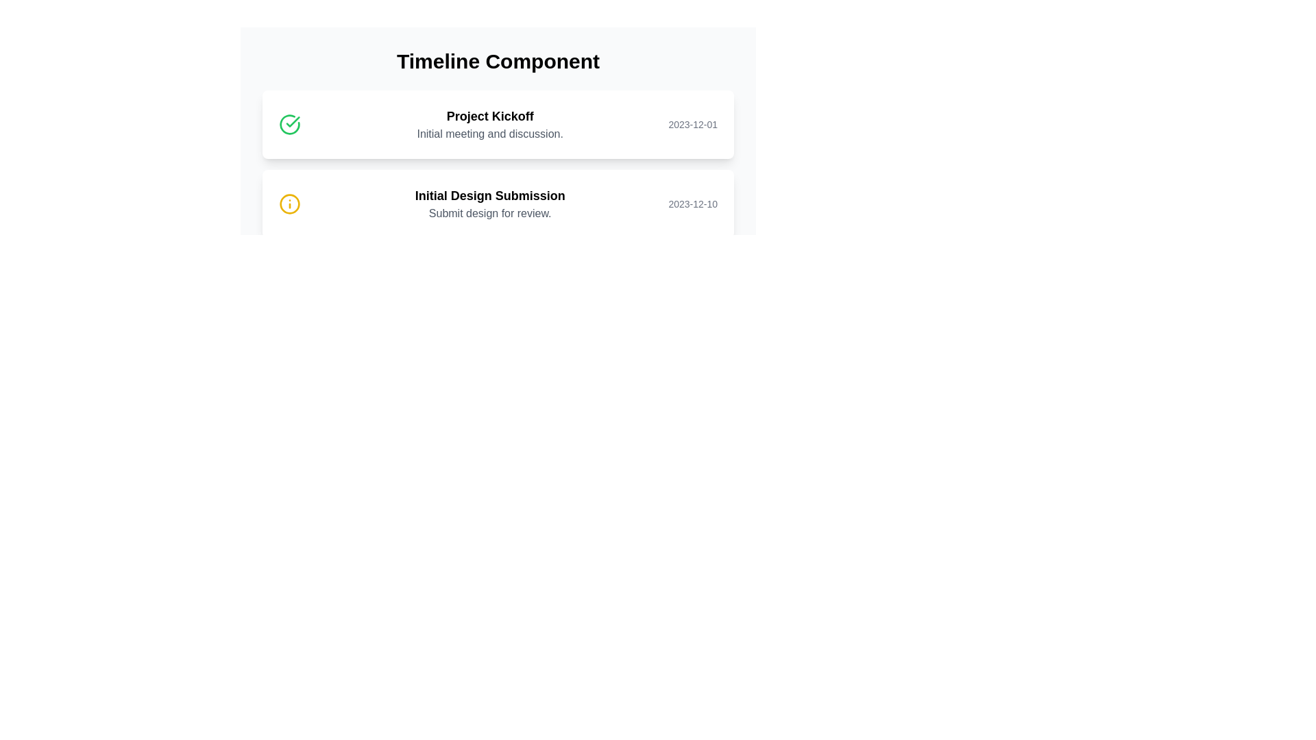 This screenshot has width=1316, height=740. What do you see at coordinates (490, 195) in the screenshot?
I see `heading text that serves as the title for the second timeline entry under the 'Timeline Component' header, which is positioned above the description 'Submit design for review.'` at bounding box center [490, 195].